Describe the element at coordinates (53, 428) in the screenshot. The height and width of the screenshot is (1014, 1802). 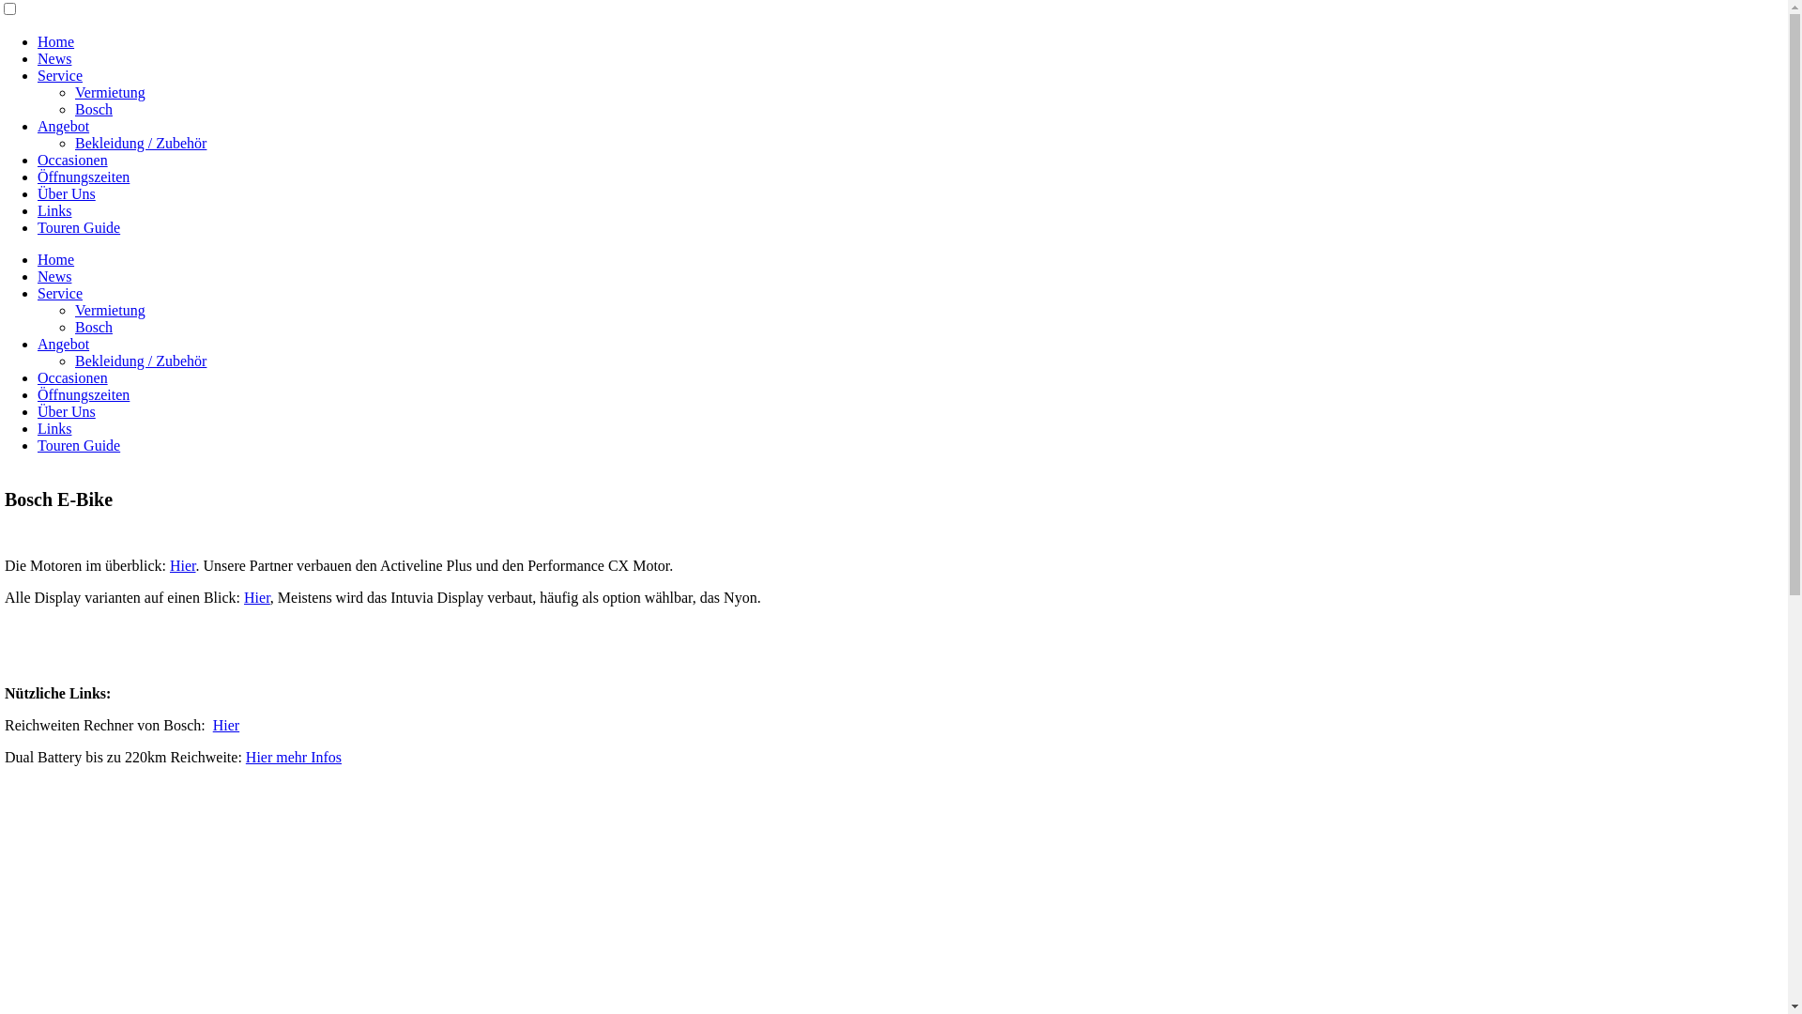
I see `'Links'` at that location.